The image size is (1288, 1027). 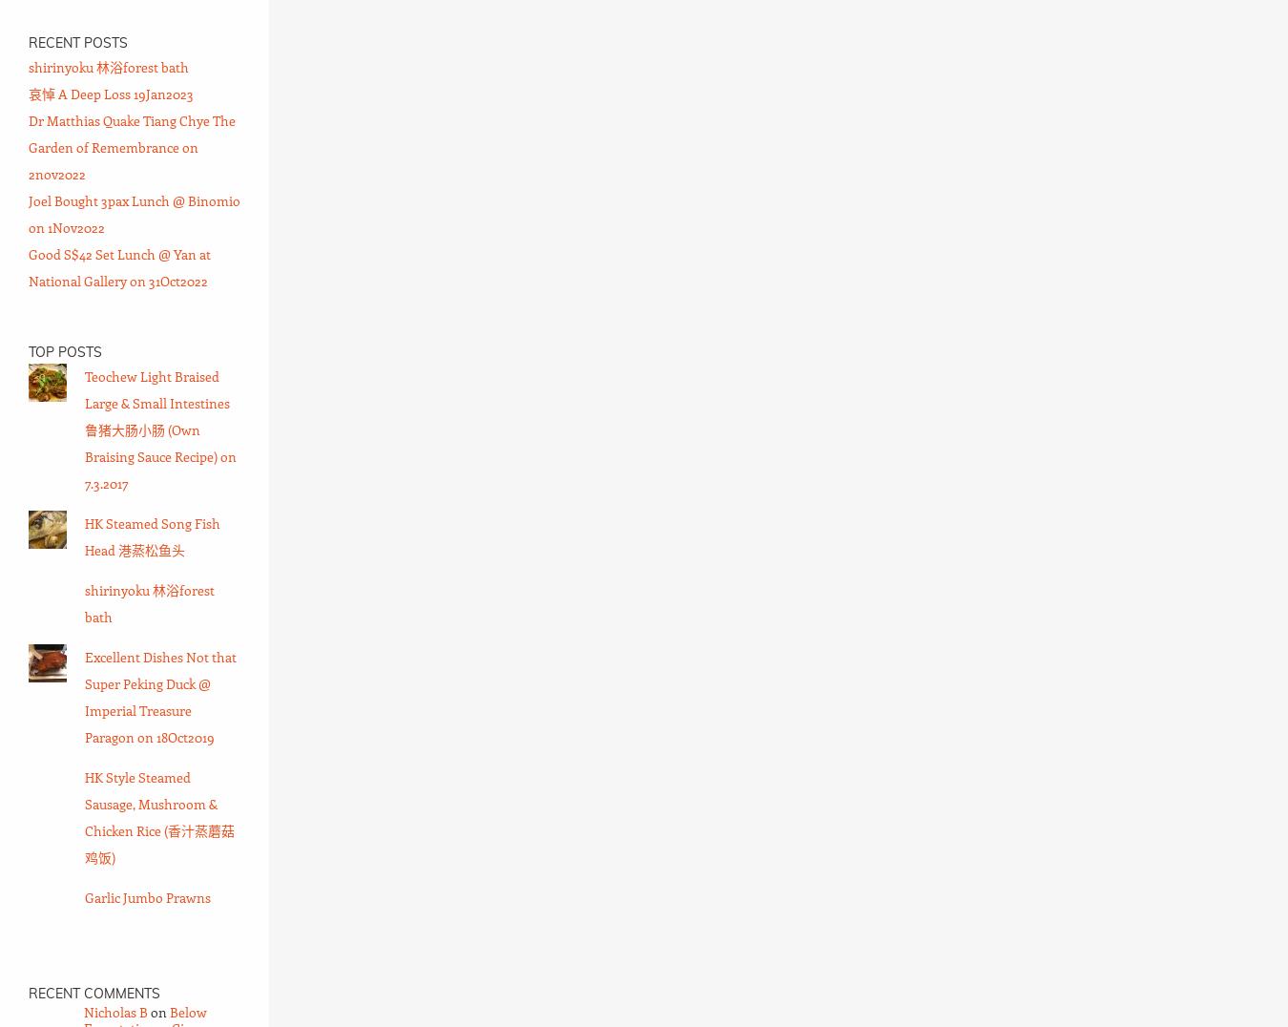 What do you see at coordinates (27, 350) in the screenshot?
I see `'Top Posts'` at bounding box center [27, 350].